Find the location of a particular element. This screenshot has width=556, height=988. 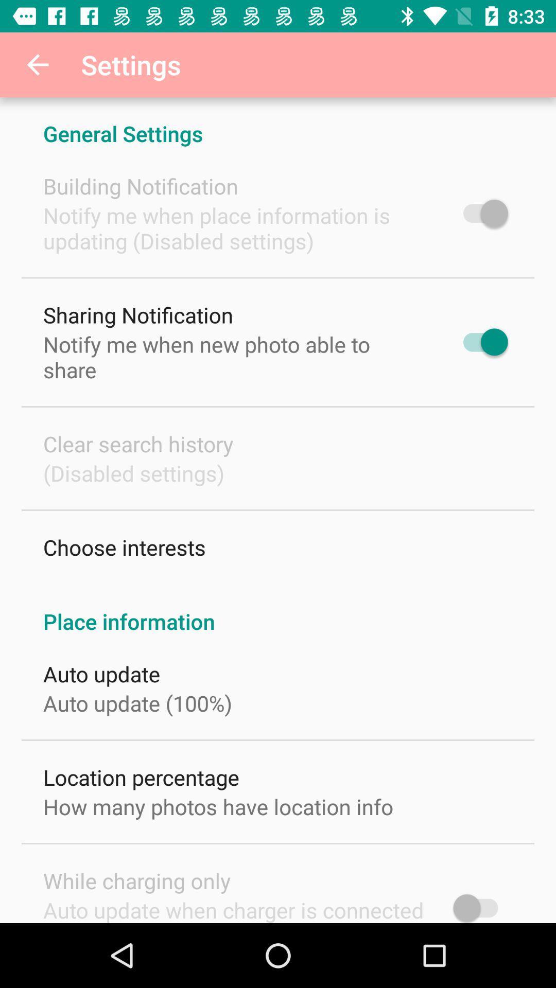

general settings item is located at coordinates (278, 122).